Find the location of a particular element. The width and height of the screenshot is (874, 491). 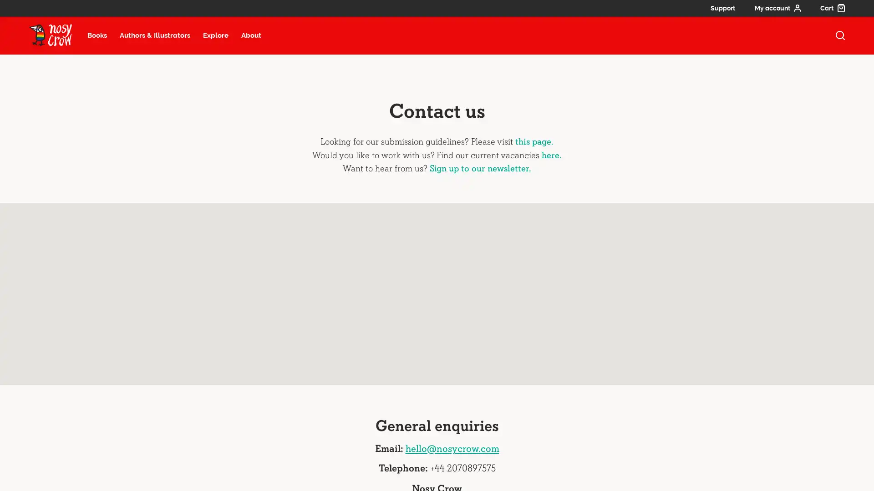

About menu item, select to open about submenu (13 items) is located at coordinates (251, 35).